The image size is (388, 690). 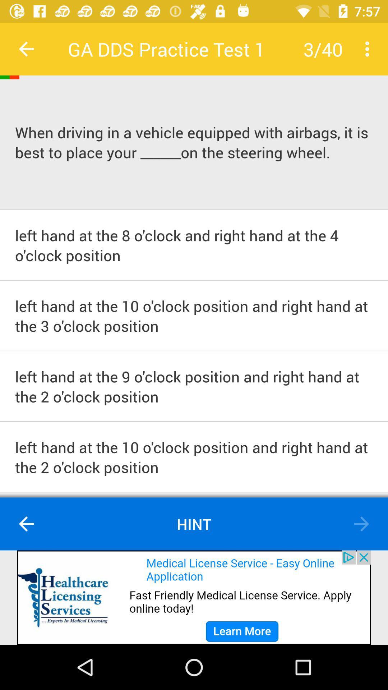 What do you see at coordinates (26, 524) in the screenshot?
I see `go back` at bounding box center [26, 524].